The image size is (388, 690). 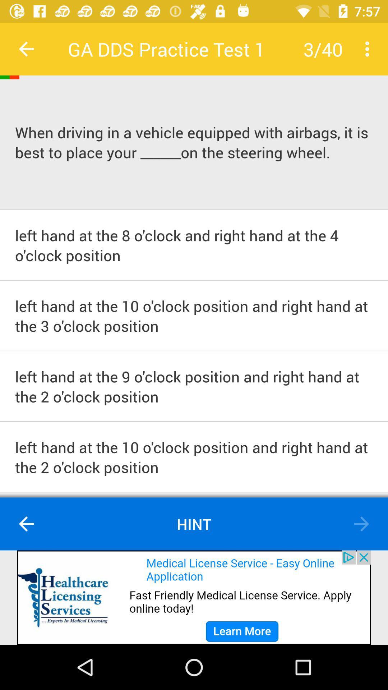 What do you see at coordinates (26, 524) in the screenshot?
I see `go back` at bounding box center [26, 524].